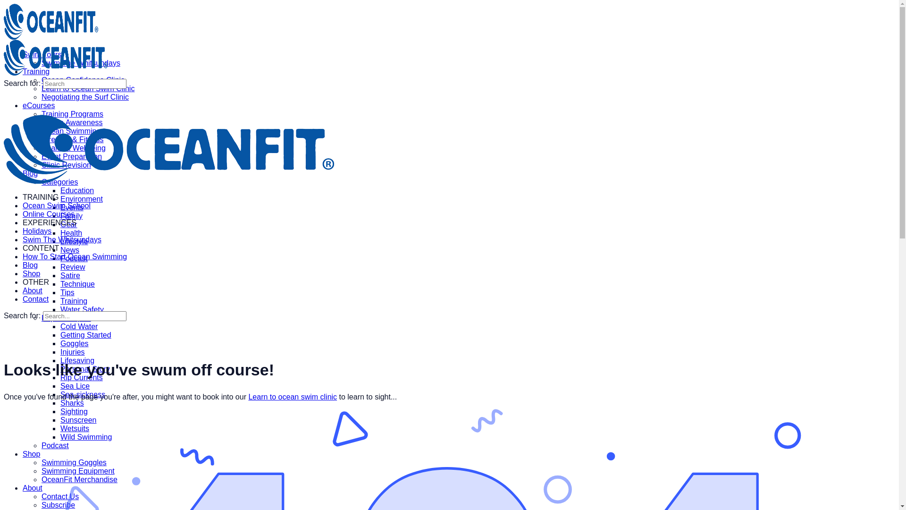  I want to click on 'Holidays', so click(37, 231).